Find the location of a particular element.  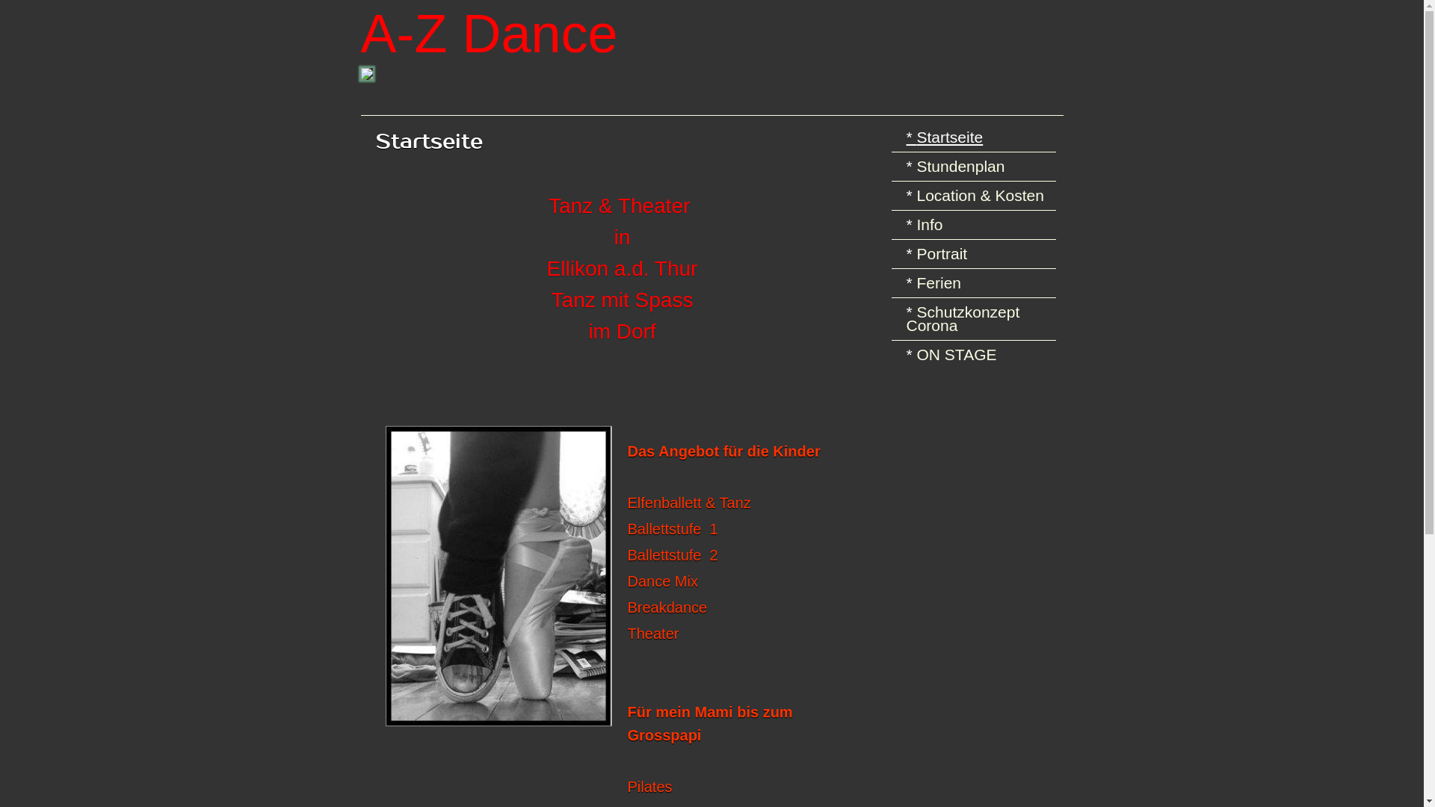

'Ferien' is located at coordinates (976, 282).